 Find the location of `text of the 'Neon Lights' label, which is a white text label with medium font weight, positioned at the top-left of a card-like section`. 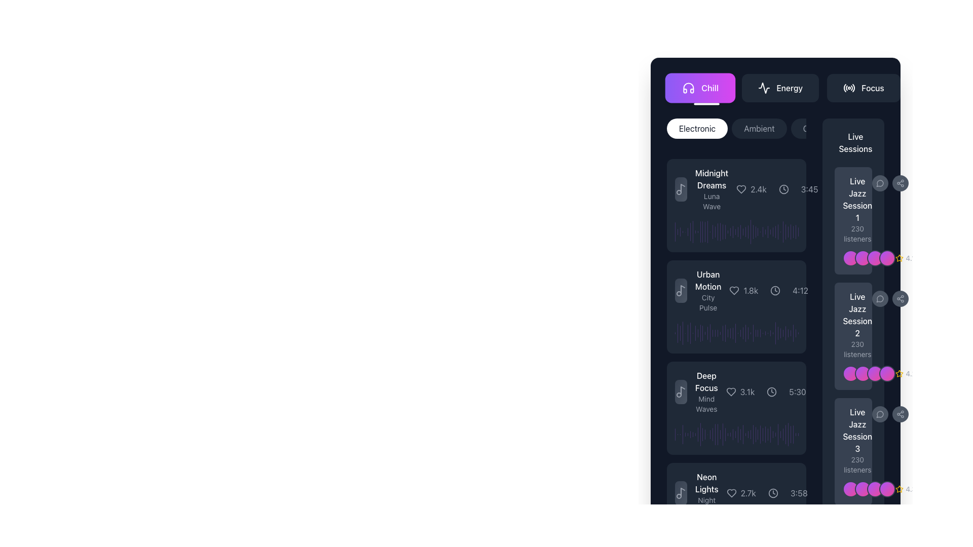

text of the 'Neon Lights' label, which is a white text label with medium font weight, positioned at the top-left of a card-like section is located at coordinates (706, 482).